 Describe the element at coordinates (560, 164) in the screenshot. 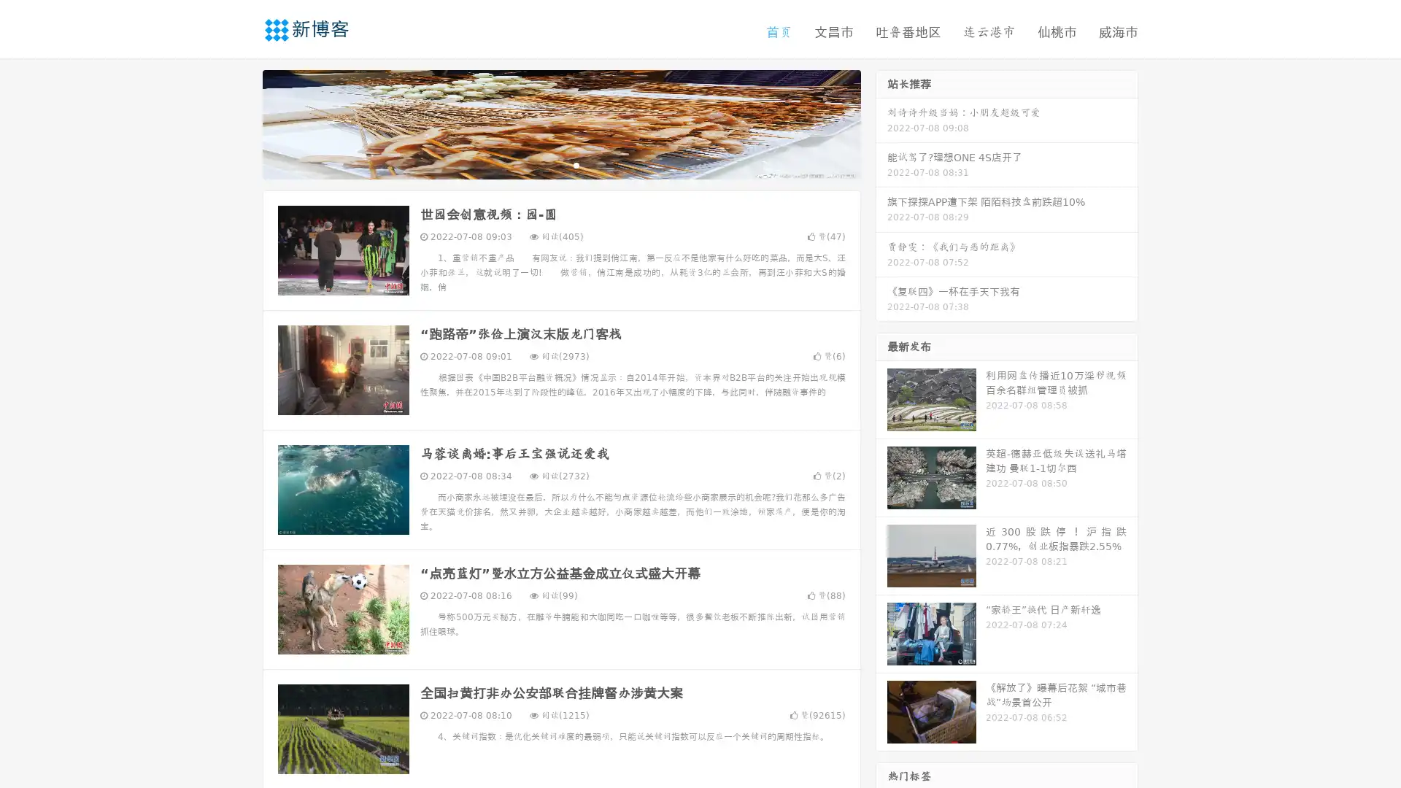

I see `Go to slide 2` at that location.